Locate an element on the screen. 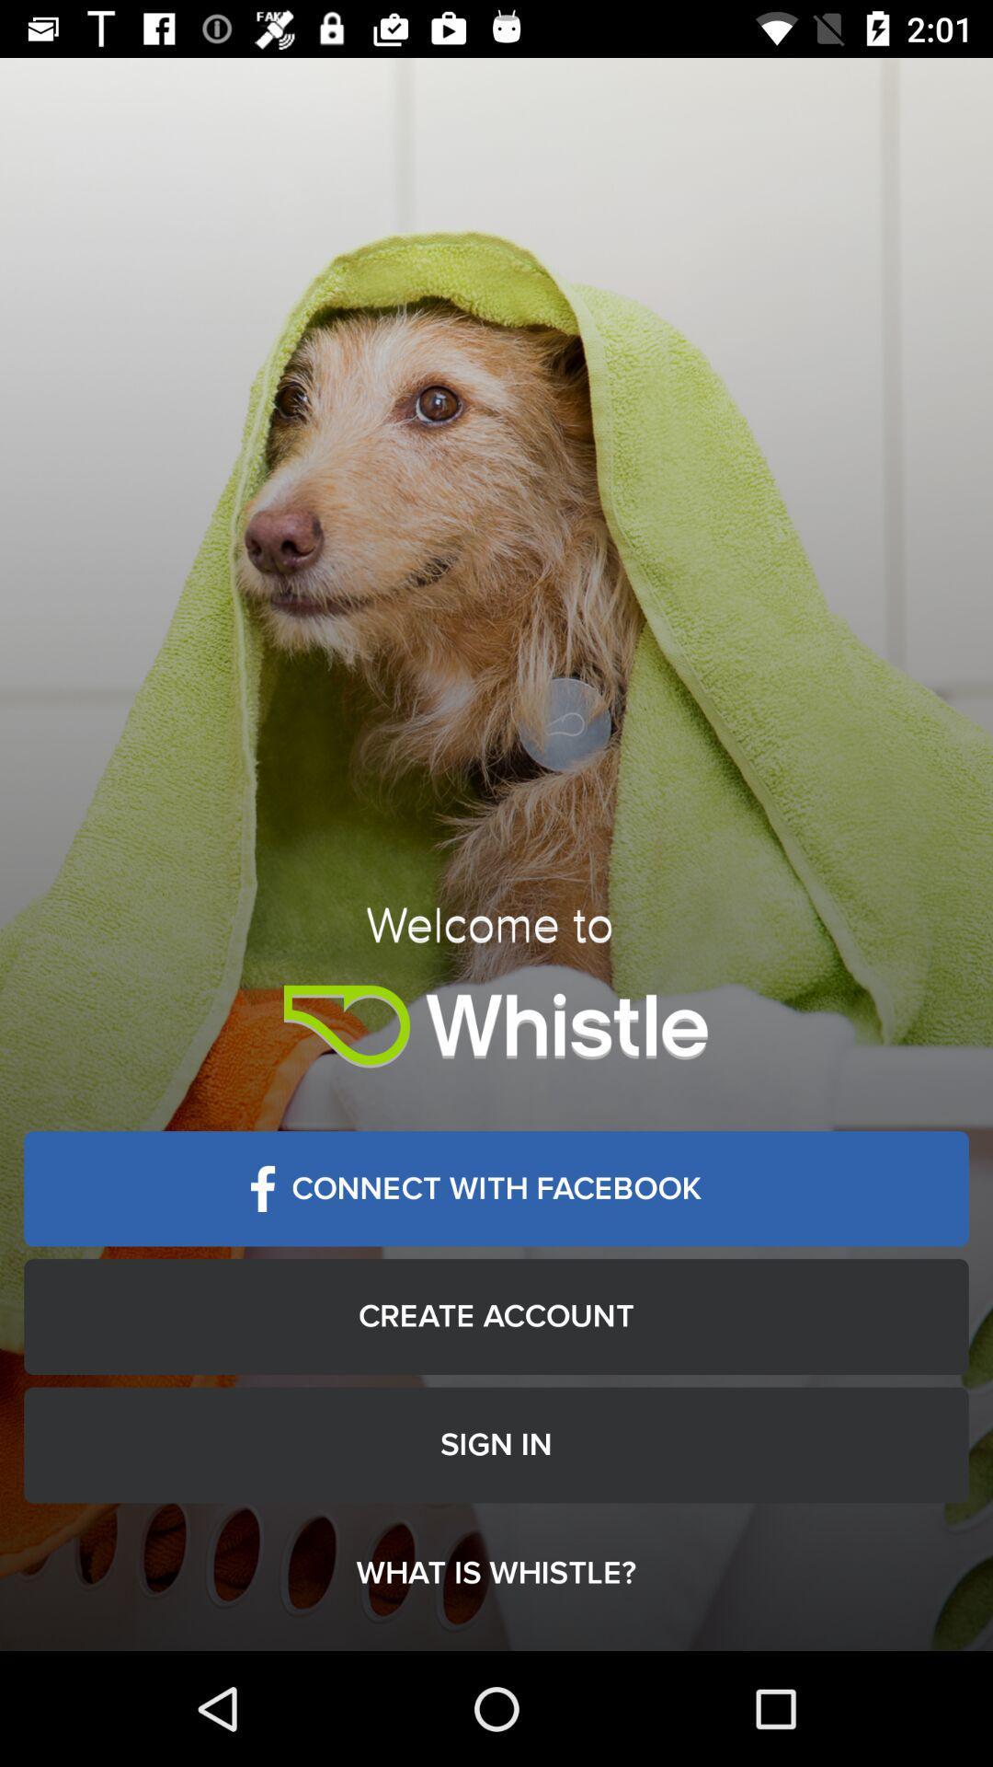  item above create account icon is located at coordinates (496, 1188).